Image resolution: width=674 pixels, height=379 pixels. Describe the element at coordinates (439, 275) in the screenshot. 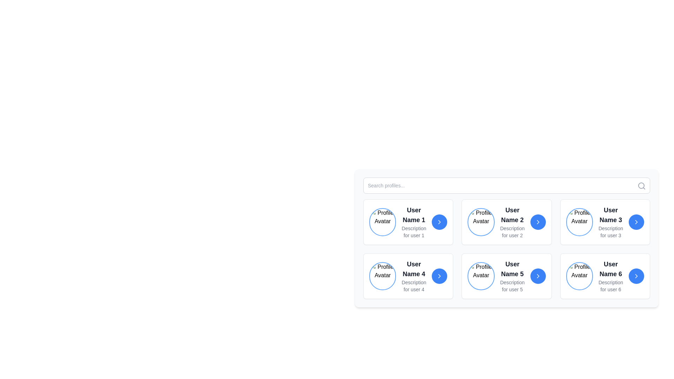

I see `the chevron icon located within the card for 'User Name 4', positioned in the second row and first column of the grid, aligned to the right side of the card, nested within a blue circular button` at that location.